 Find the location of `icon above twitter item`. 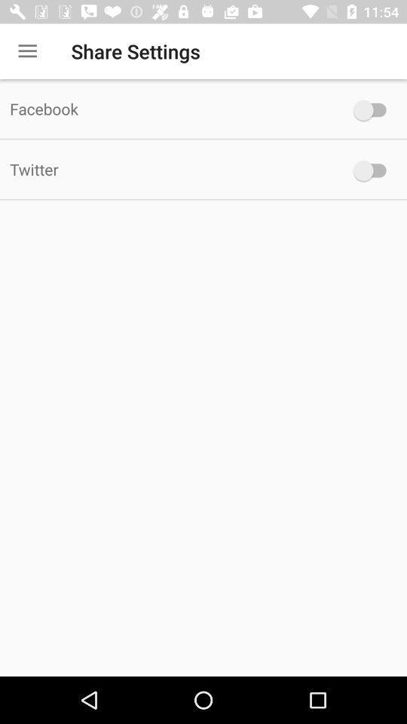

icon above twitter item is located at coordinates (169, 108).